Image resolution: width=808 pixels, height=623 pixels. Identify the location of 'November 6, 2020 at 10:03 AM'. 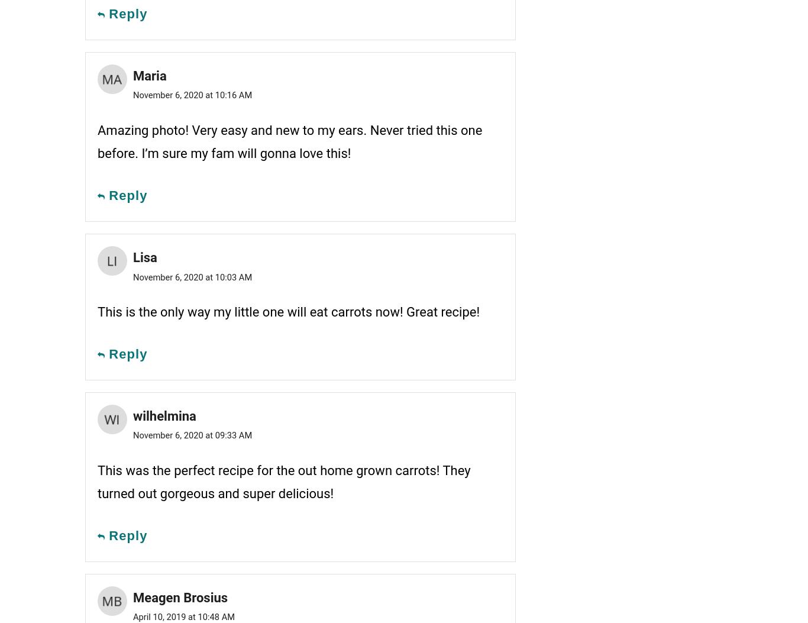
(132, 276).